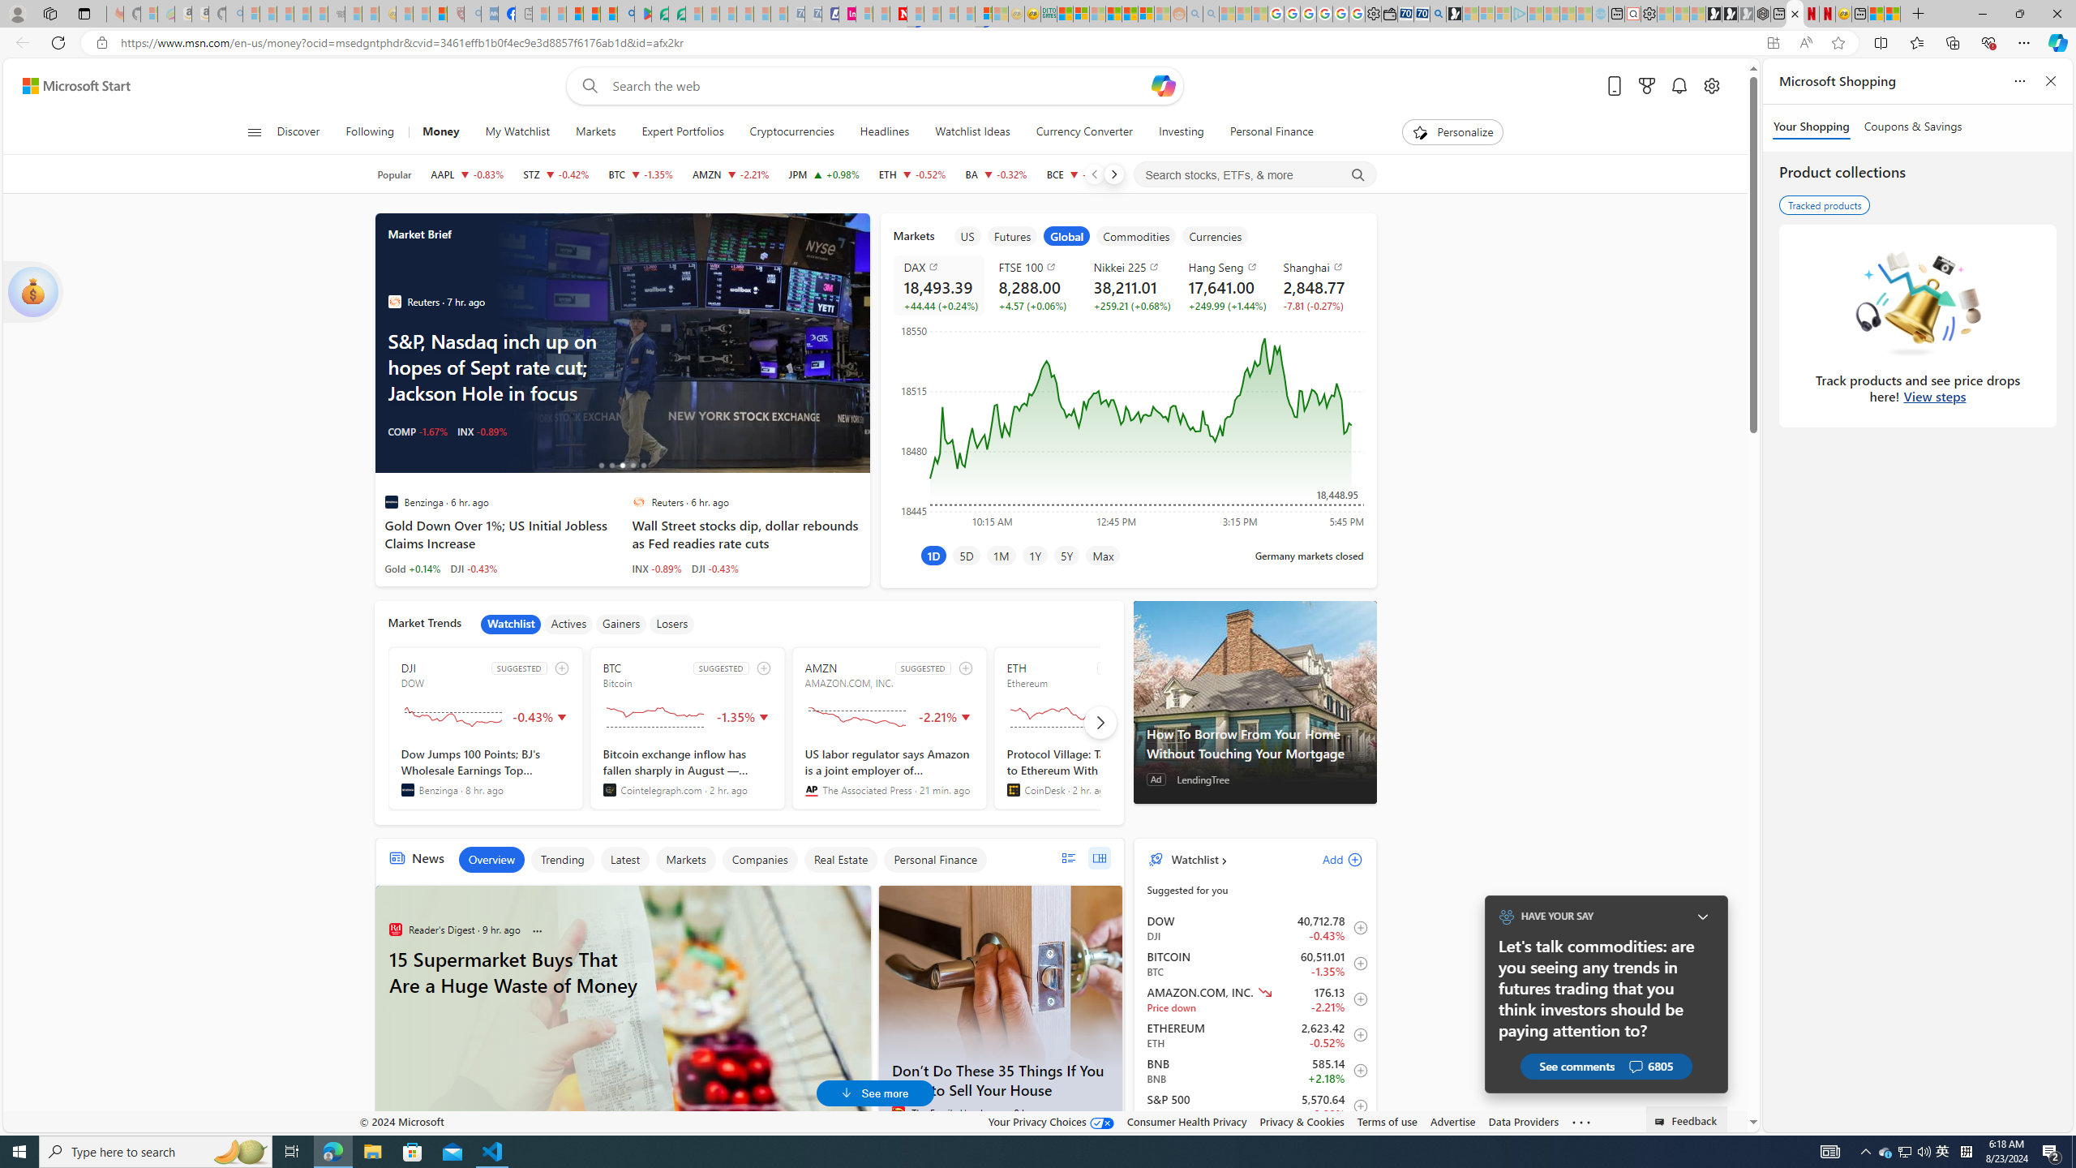 This screenshot has height=1168, width=2076. I want to click on 'INX -0.89%', so click(657, 568).